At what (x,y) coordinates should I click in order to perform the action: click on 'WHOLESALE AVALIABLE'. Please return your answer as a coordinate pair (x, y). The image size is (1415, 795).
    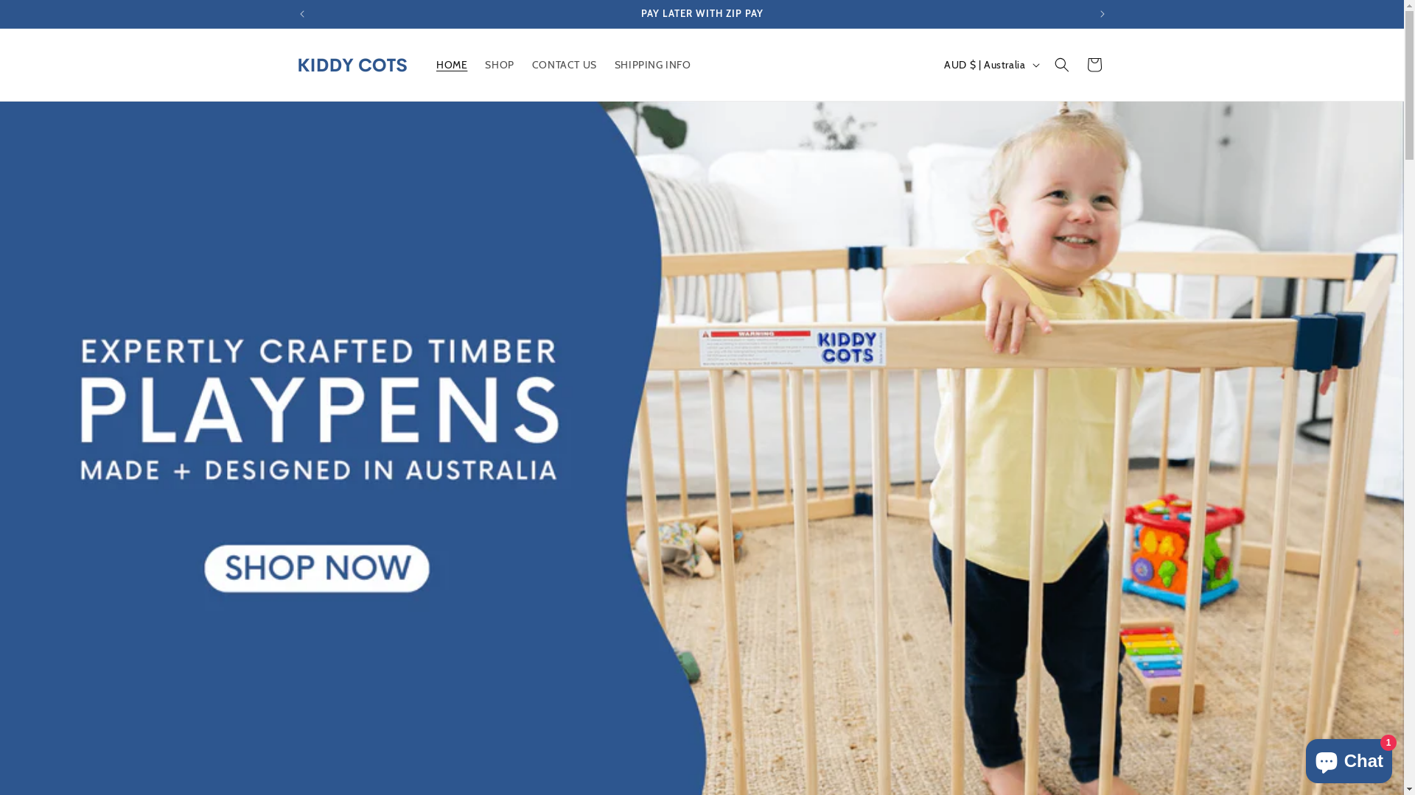
    Looking at the image, I should click on (702, 14).